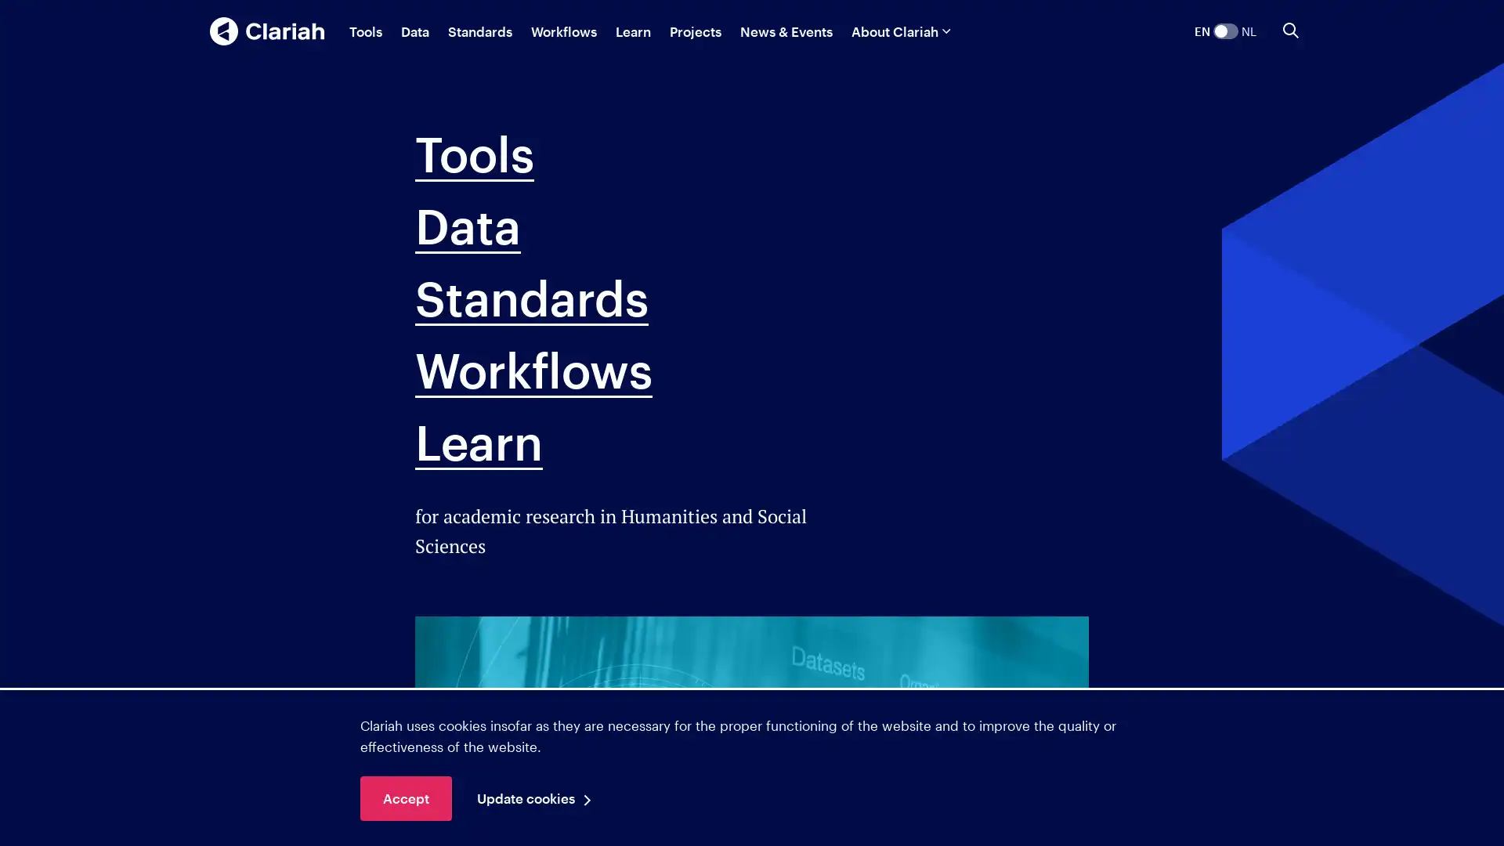  I want to click on Accept, so click(406, 798).